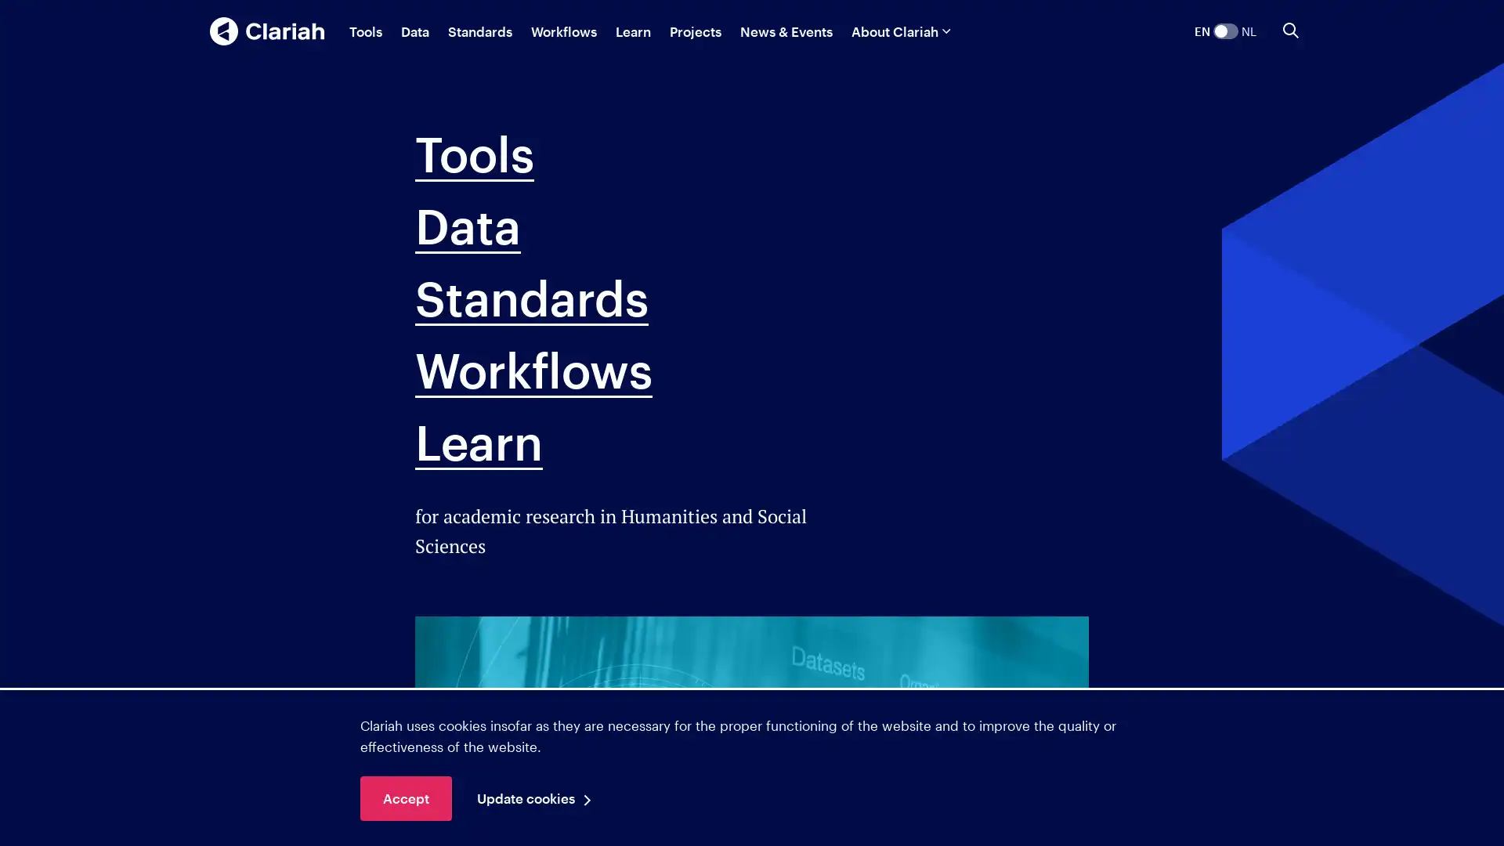  I want to click on Accept, so click(406, 798).